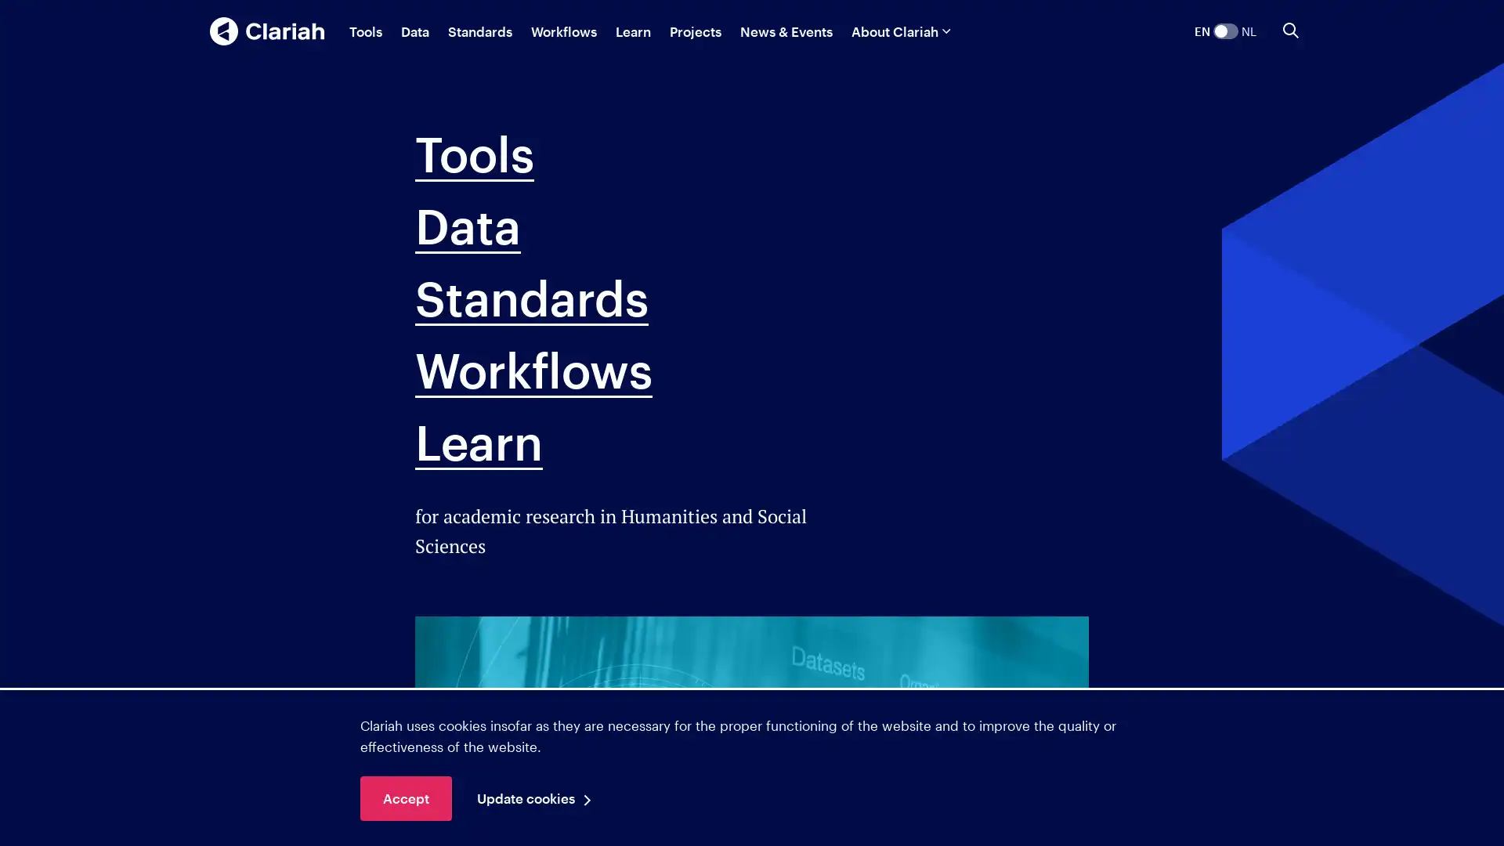  I want to click on Accept, so click(406, 798).